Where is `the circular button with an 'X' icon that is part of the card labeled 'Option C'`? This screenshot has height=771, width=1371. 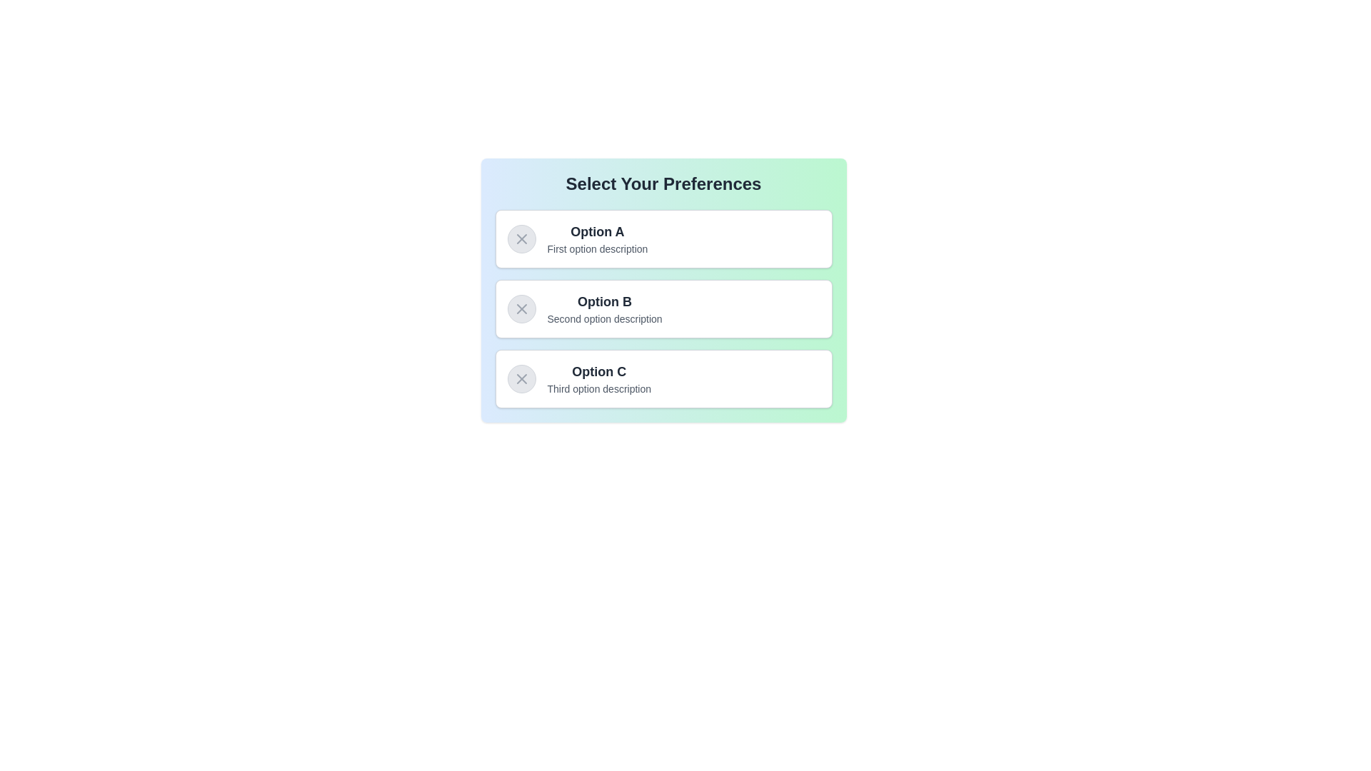 the circular button with an 'X' icon that is part of the card labeled 'Option C' is located at coordinates (521, 378).